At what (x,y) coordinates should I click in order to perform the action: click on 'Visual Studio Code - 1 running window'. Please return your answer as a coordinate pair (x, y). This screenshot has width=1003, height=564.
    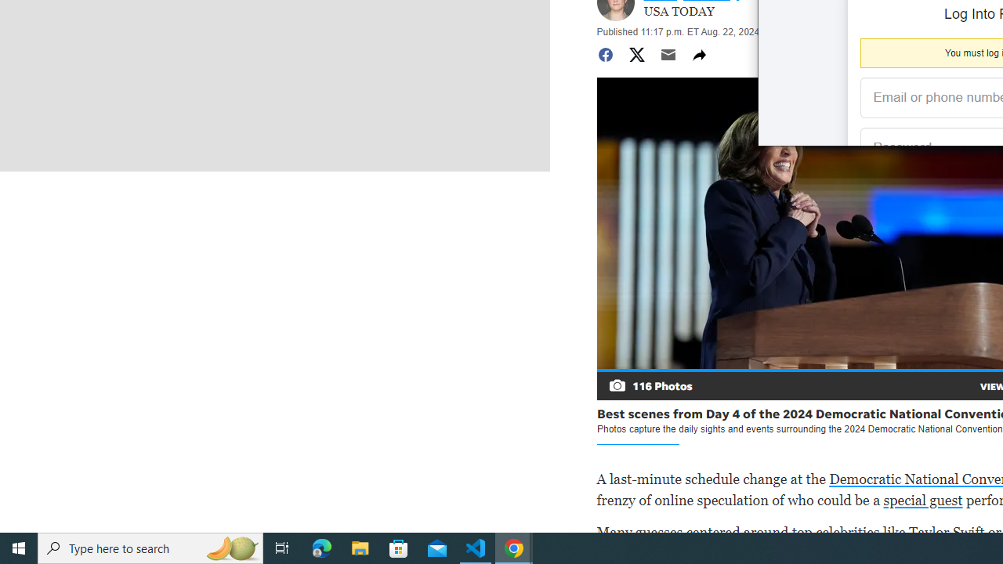
    Looking at the image, I should click on (475, 547).